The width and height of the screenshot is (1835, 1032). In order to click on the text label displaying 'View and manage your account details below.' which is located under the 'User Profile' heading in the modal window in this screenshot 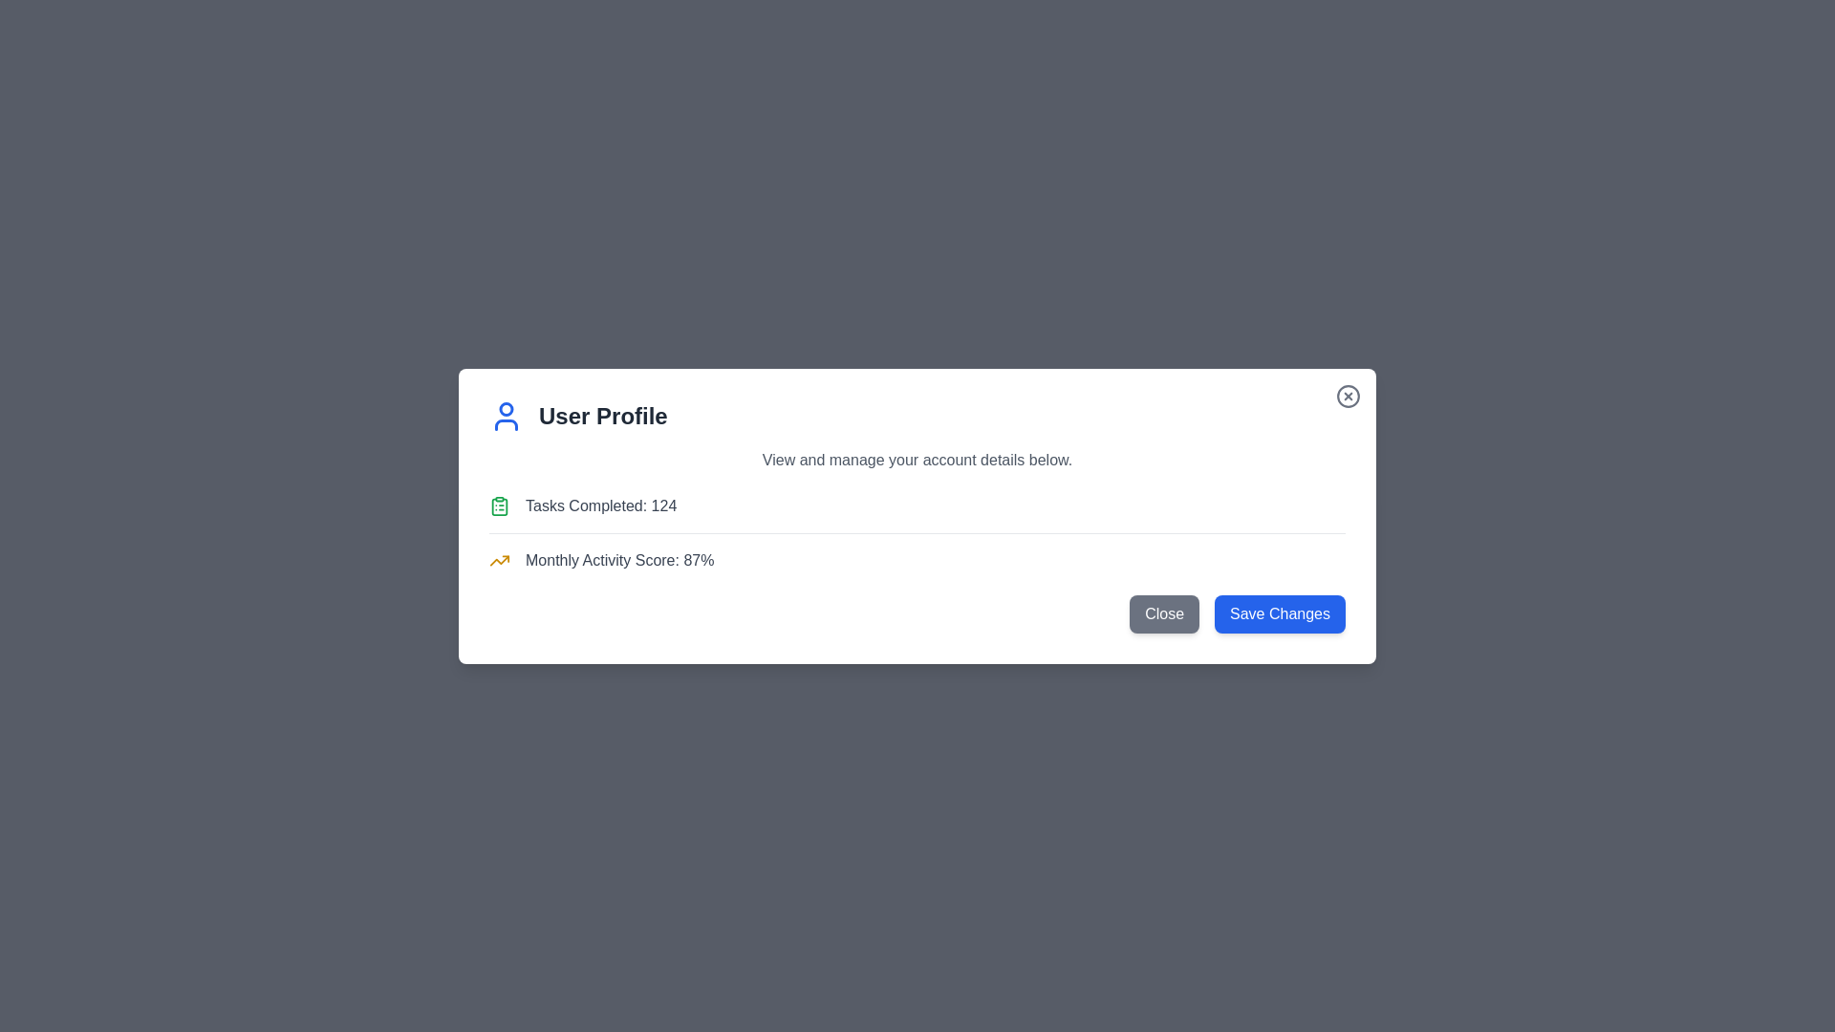, I will do `click(917, 460)`.